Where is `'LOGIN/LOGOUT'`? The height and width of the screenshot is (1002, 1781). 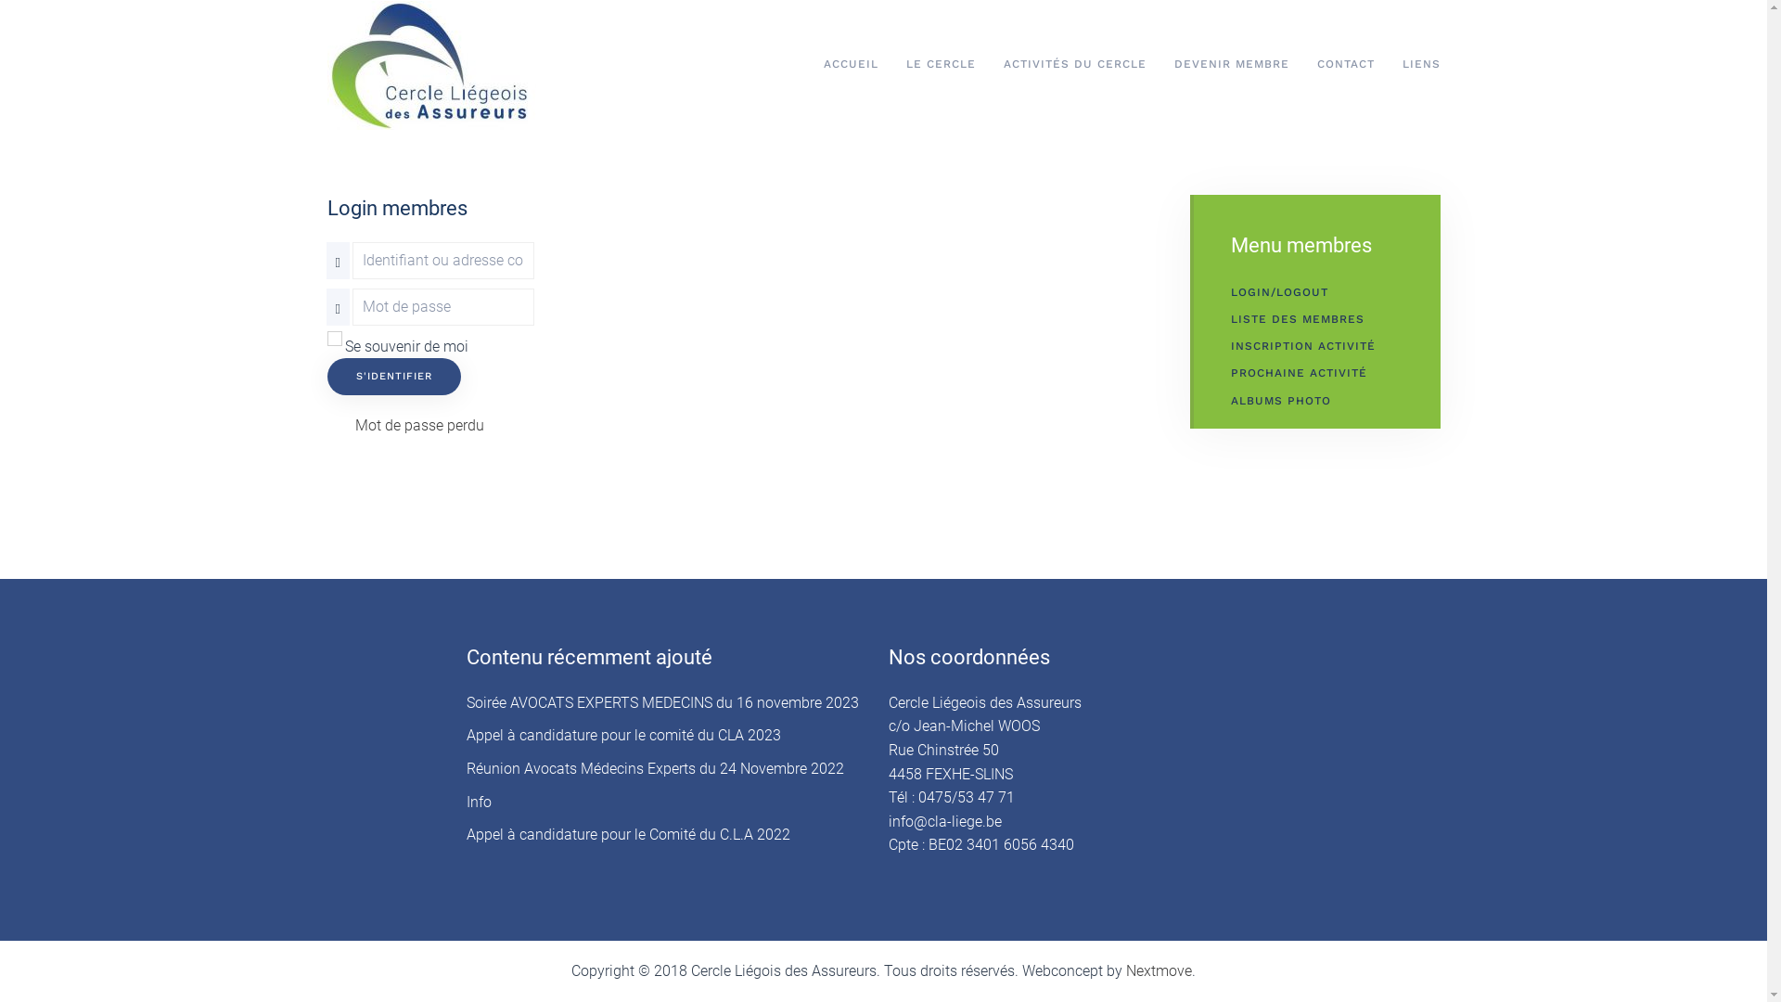
'LOGIN/LOGOUT' is located at coordinates (1315, 292).